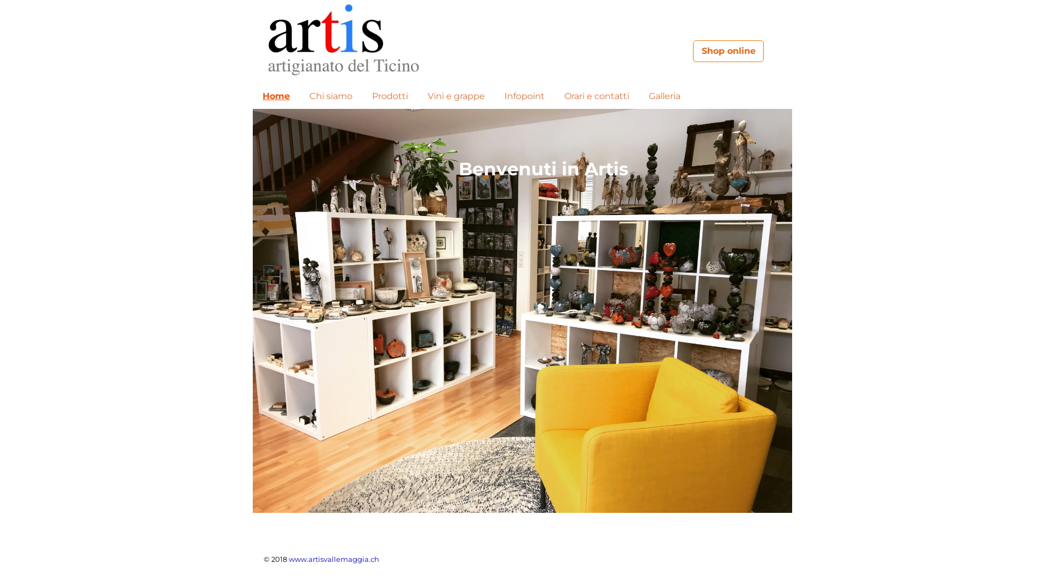 The height and width of the screenshot is (588, 1046). Describe the element at coordinates (498, 96) in the screenshot. I see `'Infopoint'` at that location.